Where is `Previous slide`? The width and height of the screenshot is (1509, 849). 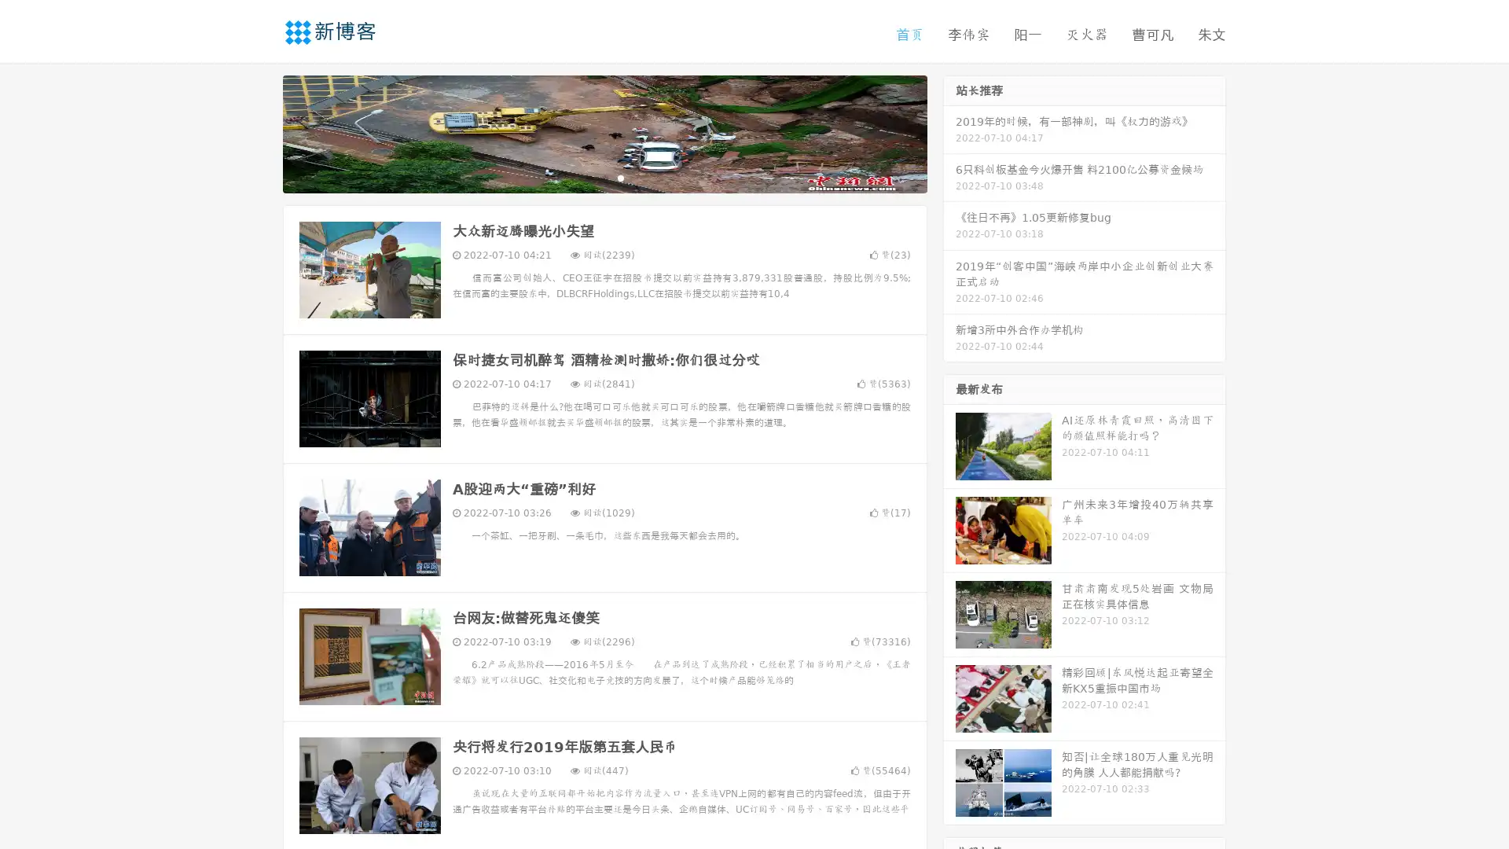
Previous slide is located at coordinates (259, 132).